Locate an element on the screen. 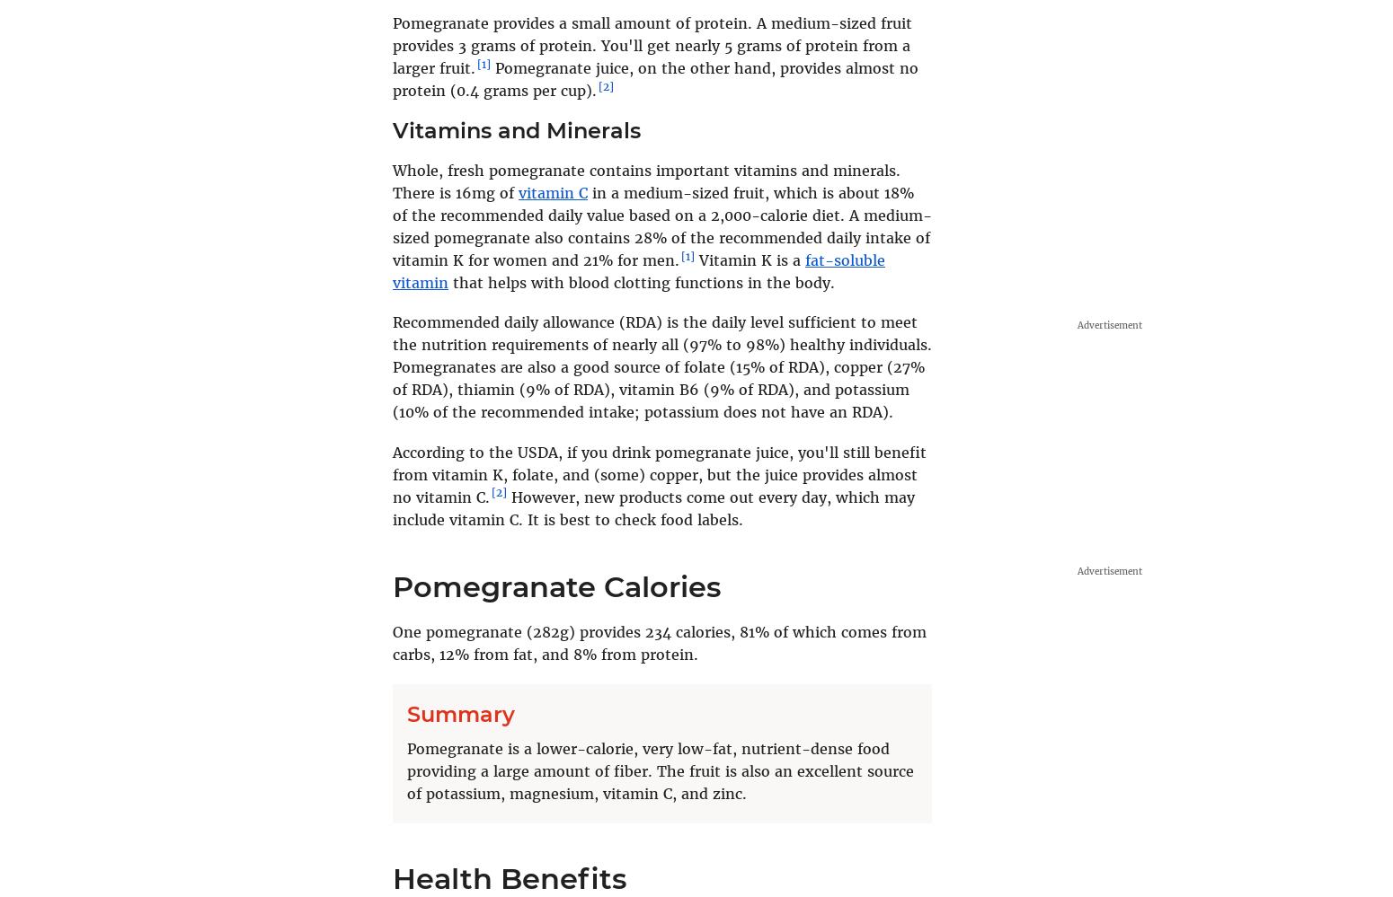 This screenshot has height=897, width=1393. 'Pomegranate juice, on the other hand, provides almost no protein (0.4 grams per cup).' is located at coordinates (655, 77).